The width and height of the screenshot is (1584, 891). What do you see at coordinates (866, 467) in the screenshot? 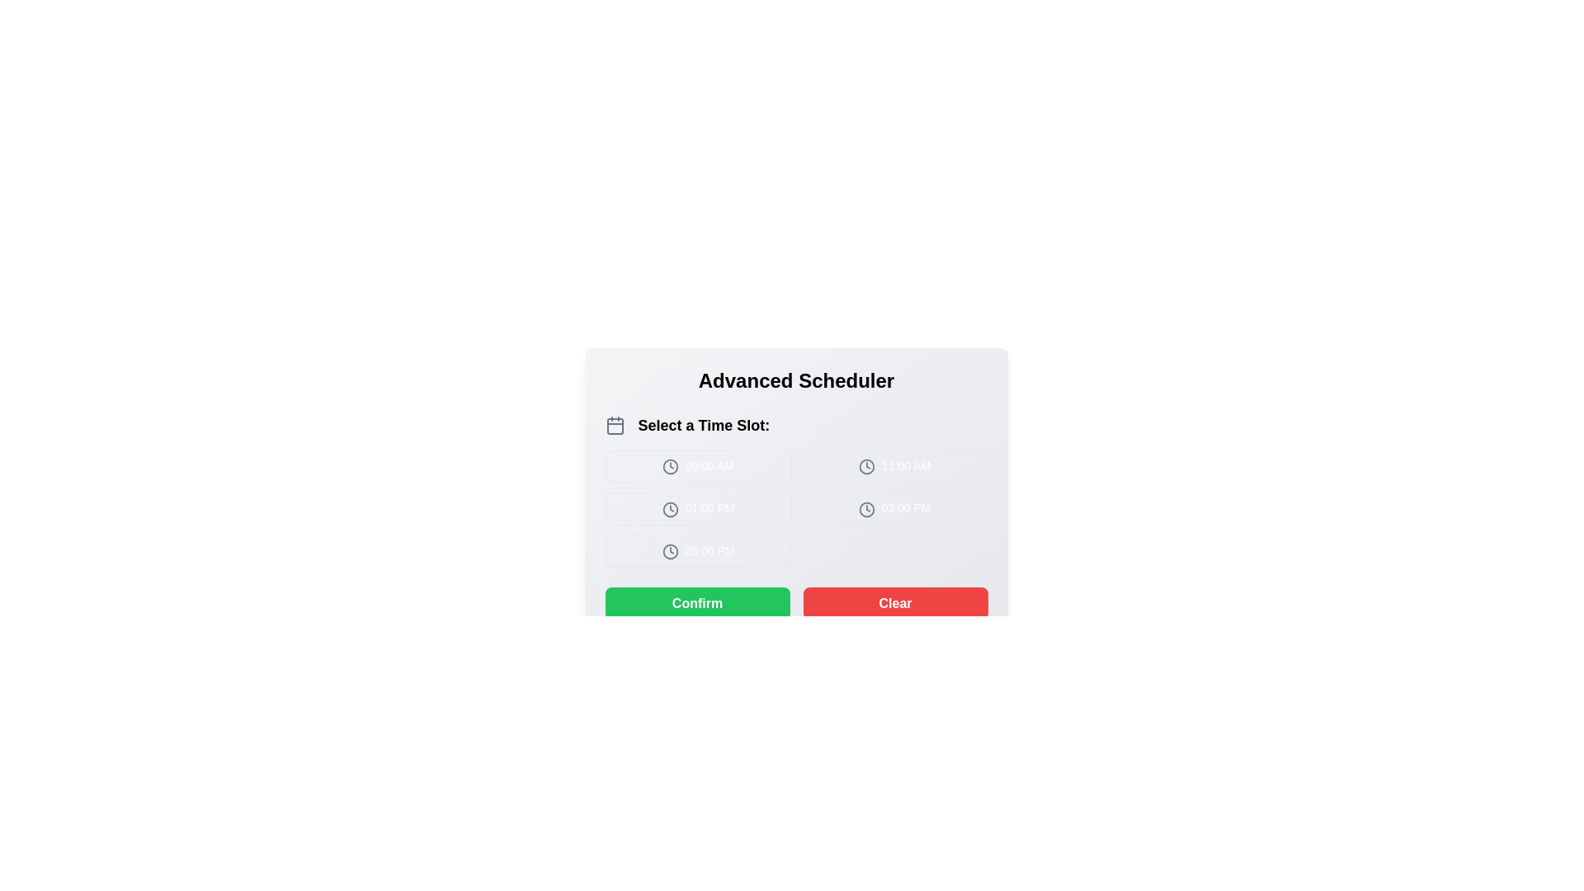
I see `the clock icon with a minimalistic design and a gray tone, located in the time slot button labeled '11:00 AM', which is the second item in the top row of the time slot selection area` at bounding box center [866, 467].